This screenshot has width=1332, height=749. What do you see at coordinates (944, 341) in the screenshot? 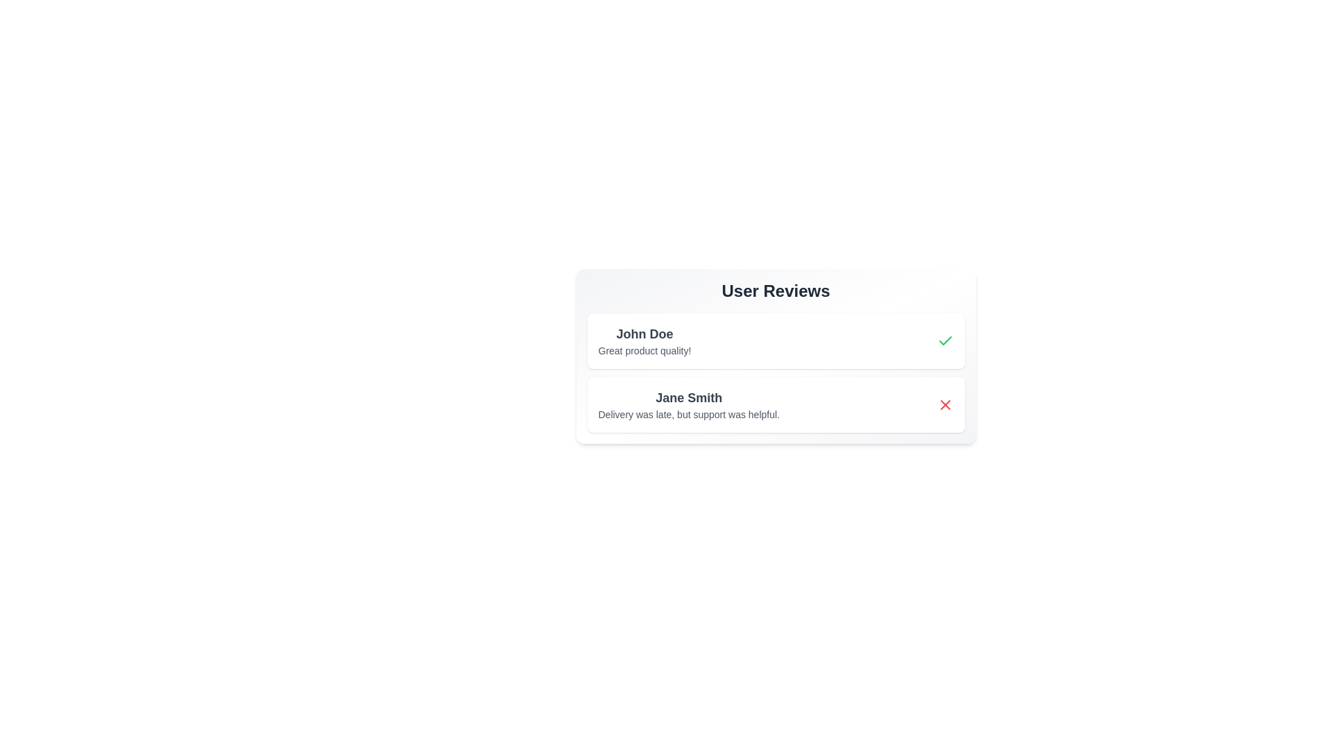
I see `the green checkmark icon in the first row of the user reviews section` at bounding box center [944, 341].